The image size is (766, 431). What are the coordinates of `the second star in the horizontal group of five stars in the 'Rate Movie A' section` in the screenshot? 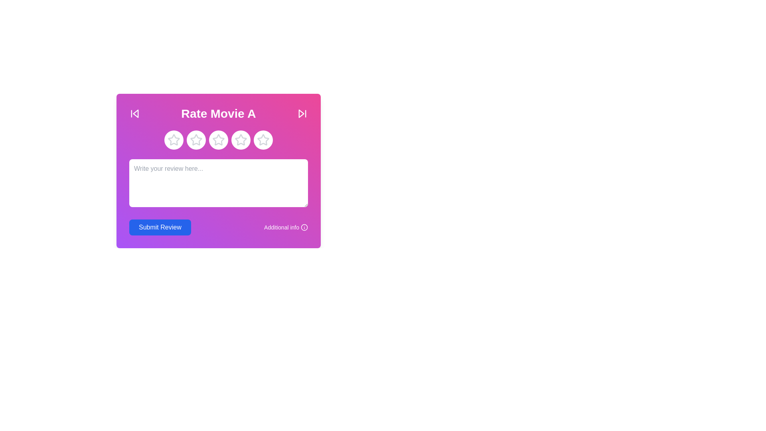 It's located at (196, 139).